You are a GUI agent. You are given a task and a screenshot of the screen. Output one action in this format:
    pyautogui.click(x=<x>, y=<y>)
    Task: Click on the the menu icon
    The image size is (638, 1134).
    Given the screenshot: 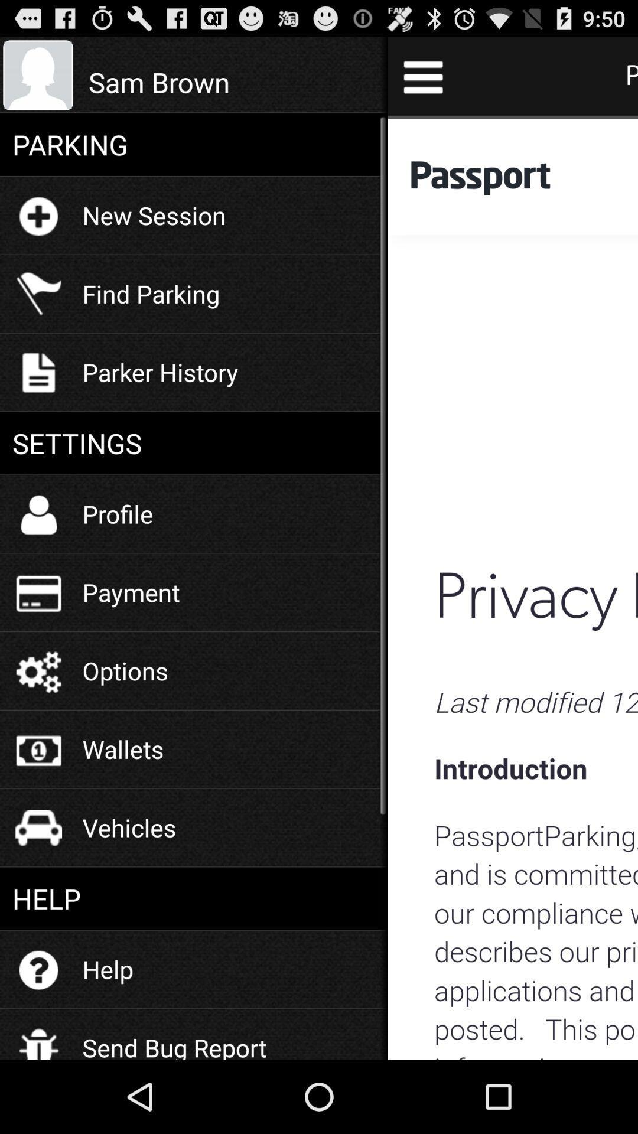 What is the action you would take?
    pyautogui.click(x=422, y=81)
    